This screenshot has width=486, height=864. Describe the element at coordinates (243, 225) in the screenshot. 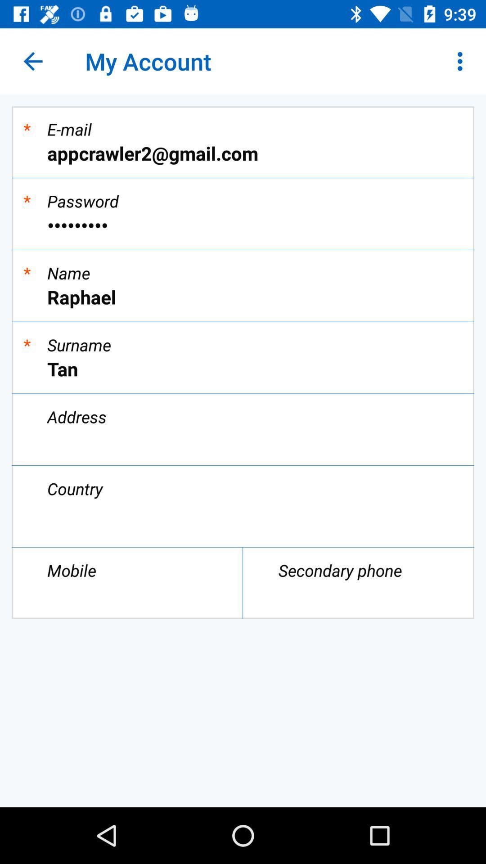

I see `item below * icon` at that location.